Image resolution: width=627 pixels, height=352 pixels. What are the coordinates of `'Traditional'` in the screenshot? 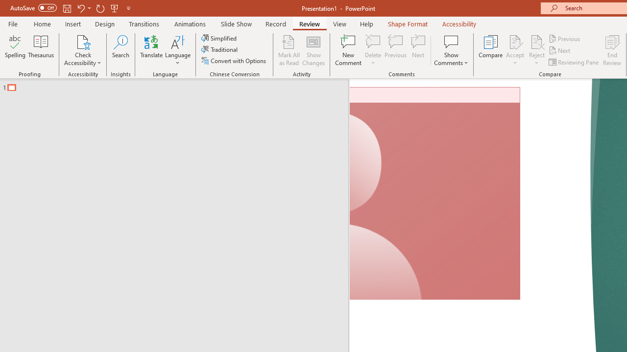 It's located at (219, 49).